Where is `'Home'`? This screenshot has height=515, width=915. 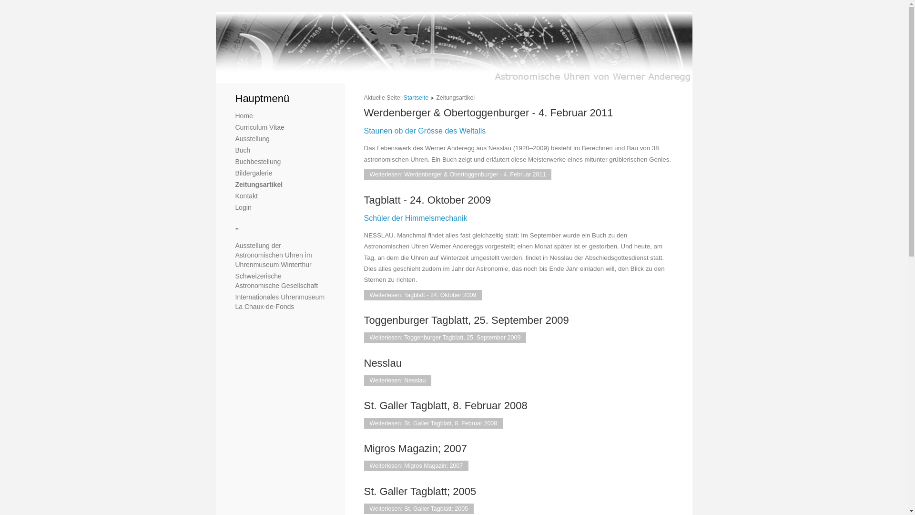
'Home' is located at coordinates (244, 115).